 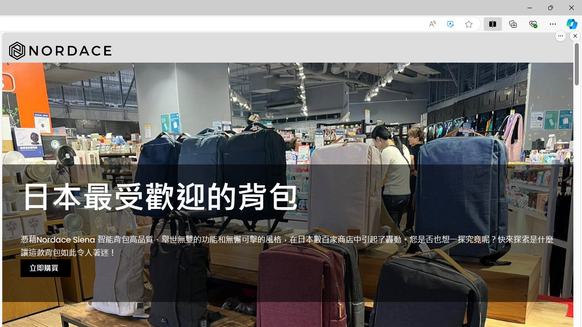 What do you see at coordinates (560, 35) in the screenshot?
I see `'More options.'` at bounding box center [560, 35].